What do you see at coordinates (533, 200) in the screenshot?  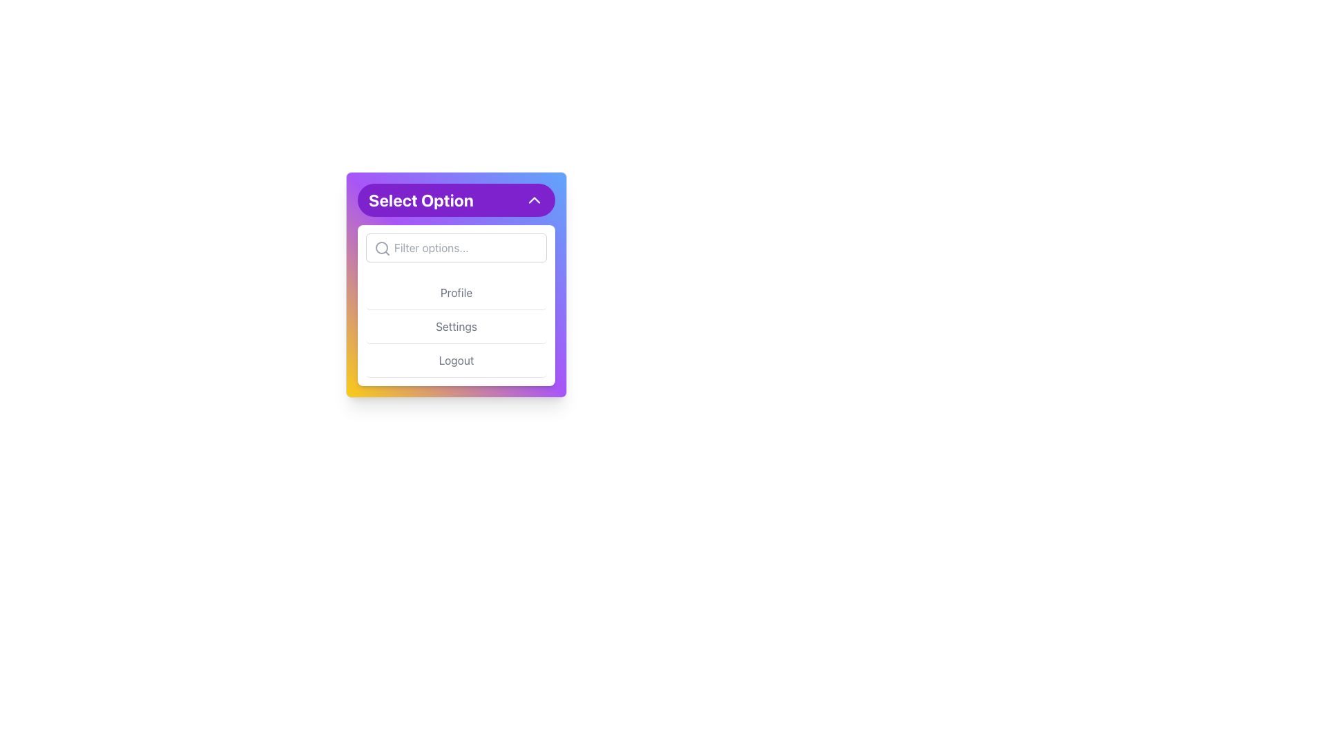 I see `the chevron-up icon, which is a triangular arrow styled as an SVG with a white stroke on a purple background, located in the top-right corner of the 'Select Option' button` at bounding box center [533, 200].